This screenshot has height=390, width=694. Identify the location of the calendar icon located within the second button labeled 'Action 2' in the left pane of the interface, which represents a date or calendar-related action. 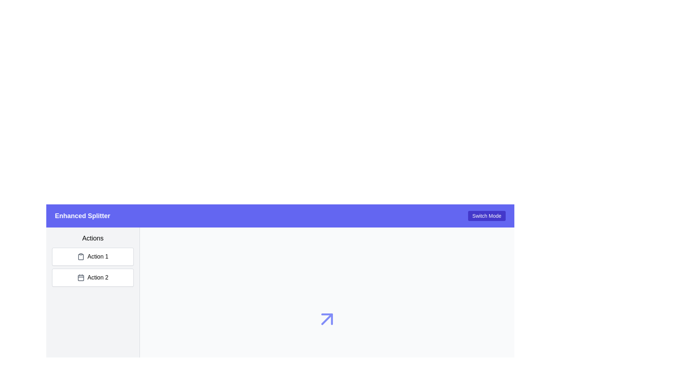
(81, 277).